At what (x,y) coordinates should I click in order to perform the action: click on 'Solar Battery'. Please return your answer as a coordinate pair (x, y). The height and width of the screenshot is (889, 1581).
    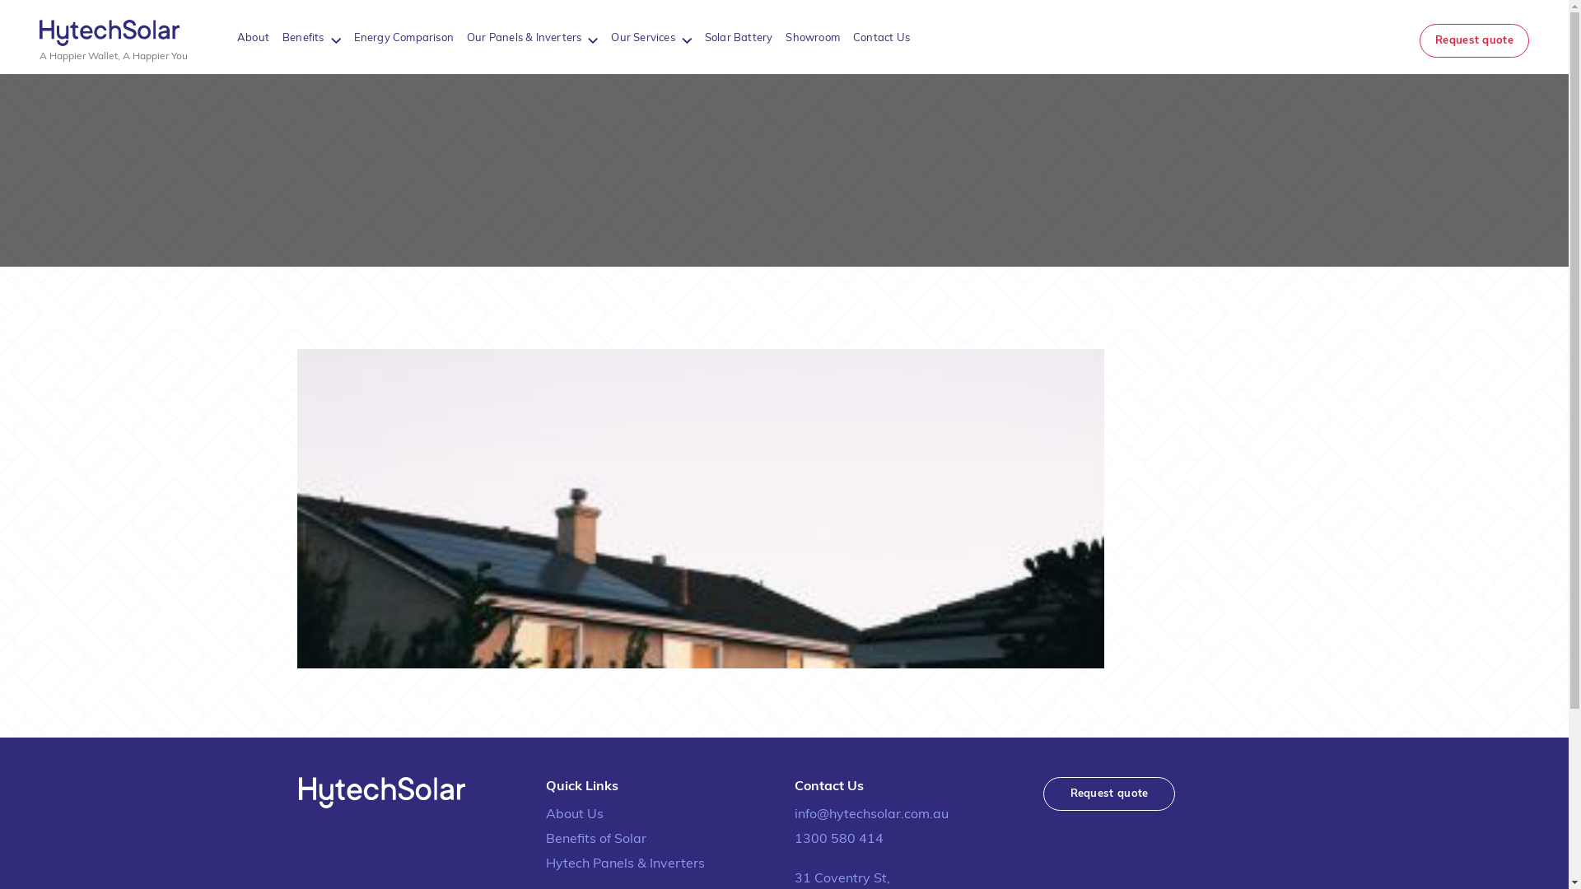
    Looking at the image, I should click on (704, 37).